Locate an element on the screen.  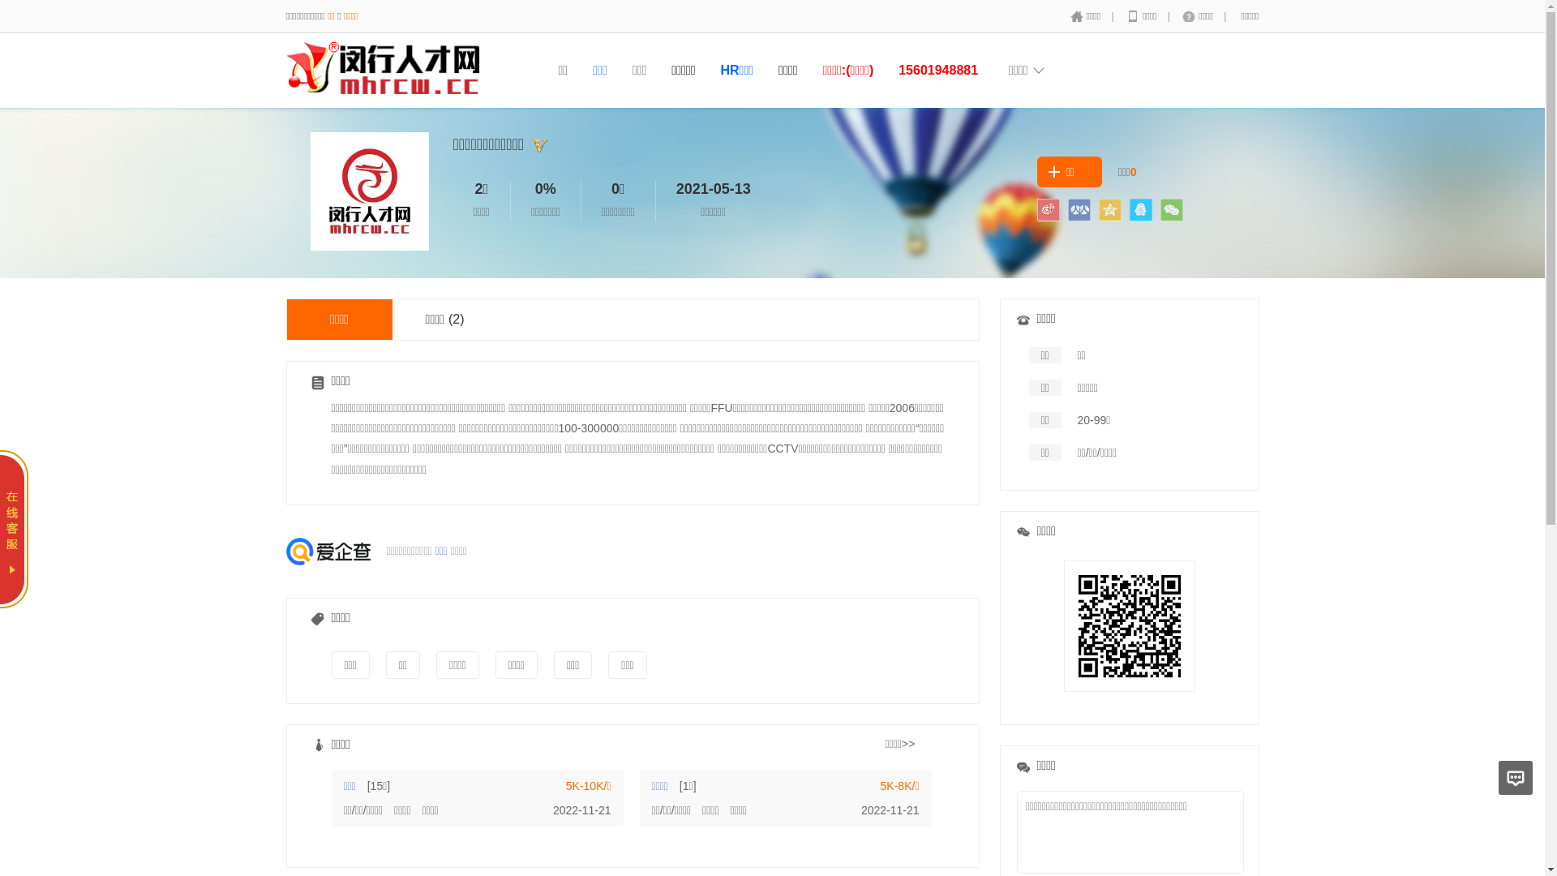
'15601948881' is located at coordinates (937, 69).